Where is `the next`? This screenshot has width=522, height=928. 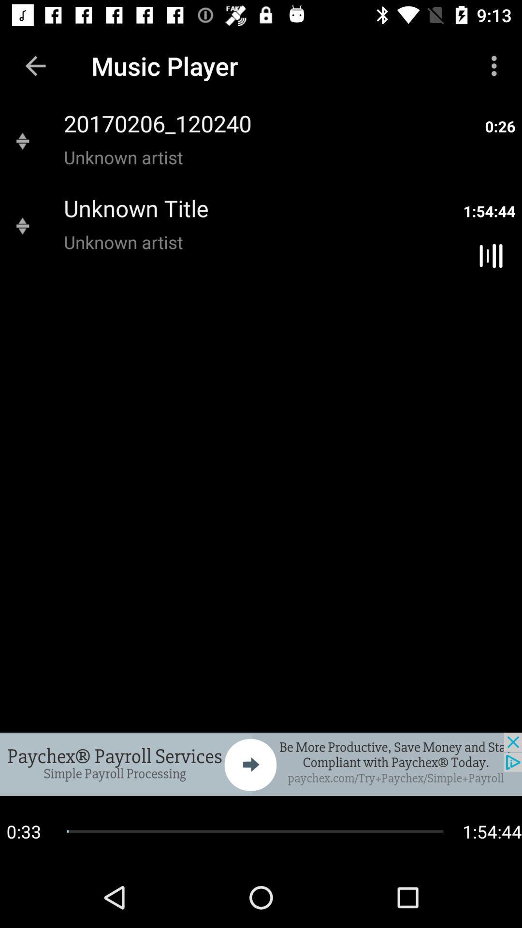
the next is located at coordinates (261, 764).